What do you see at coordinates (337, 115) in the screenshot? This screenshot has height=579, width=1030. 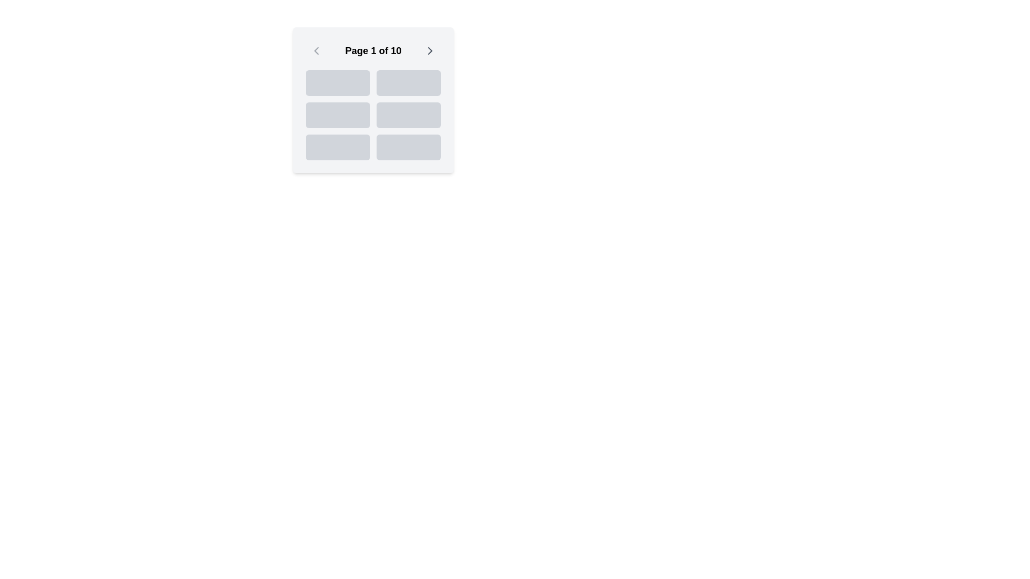 I see `the small rectangular button-like component with a light gray background and rounded corners, located in the middle-left of a 3x2 grid layout` at bounding box center [337, 115].